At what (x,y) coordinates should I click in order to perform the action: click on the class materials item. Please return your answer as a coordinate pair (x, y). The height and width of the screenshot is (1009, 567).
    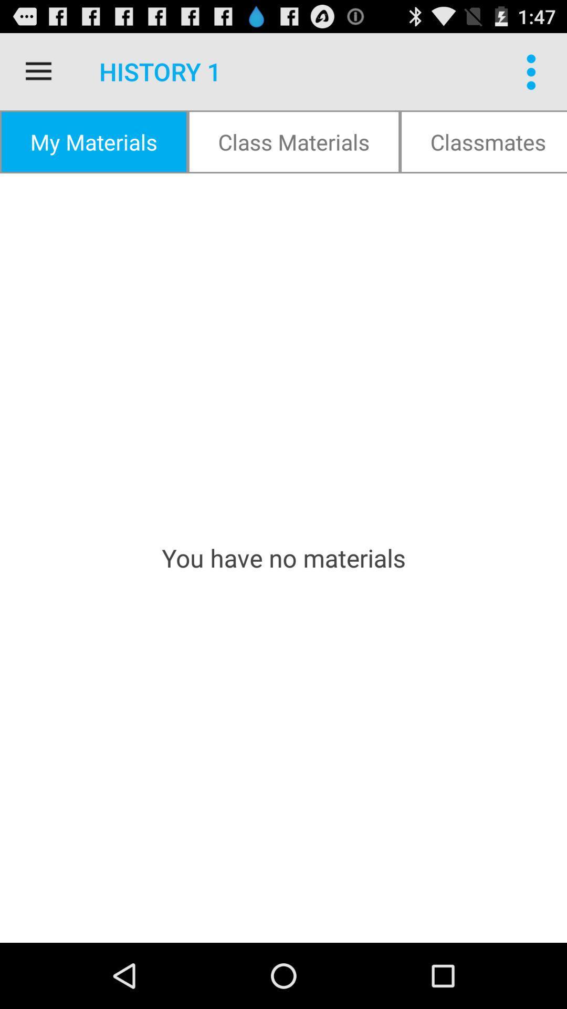
    Looking at the image, I should click on (293, 141).